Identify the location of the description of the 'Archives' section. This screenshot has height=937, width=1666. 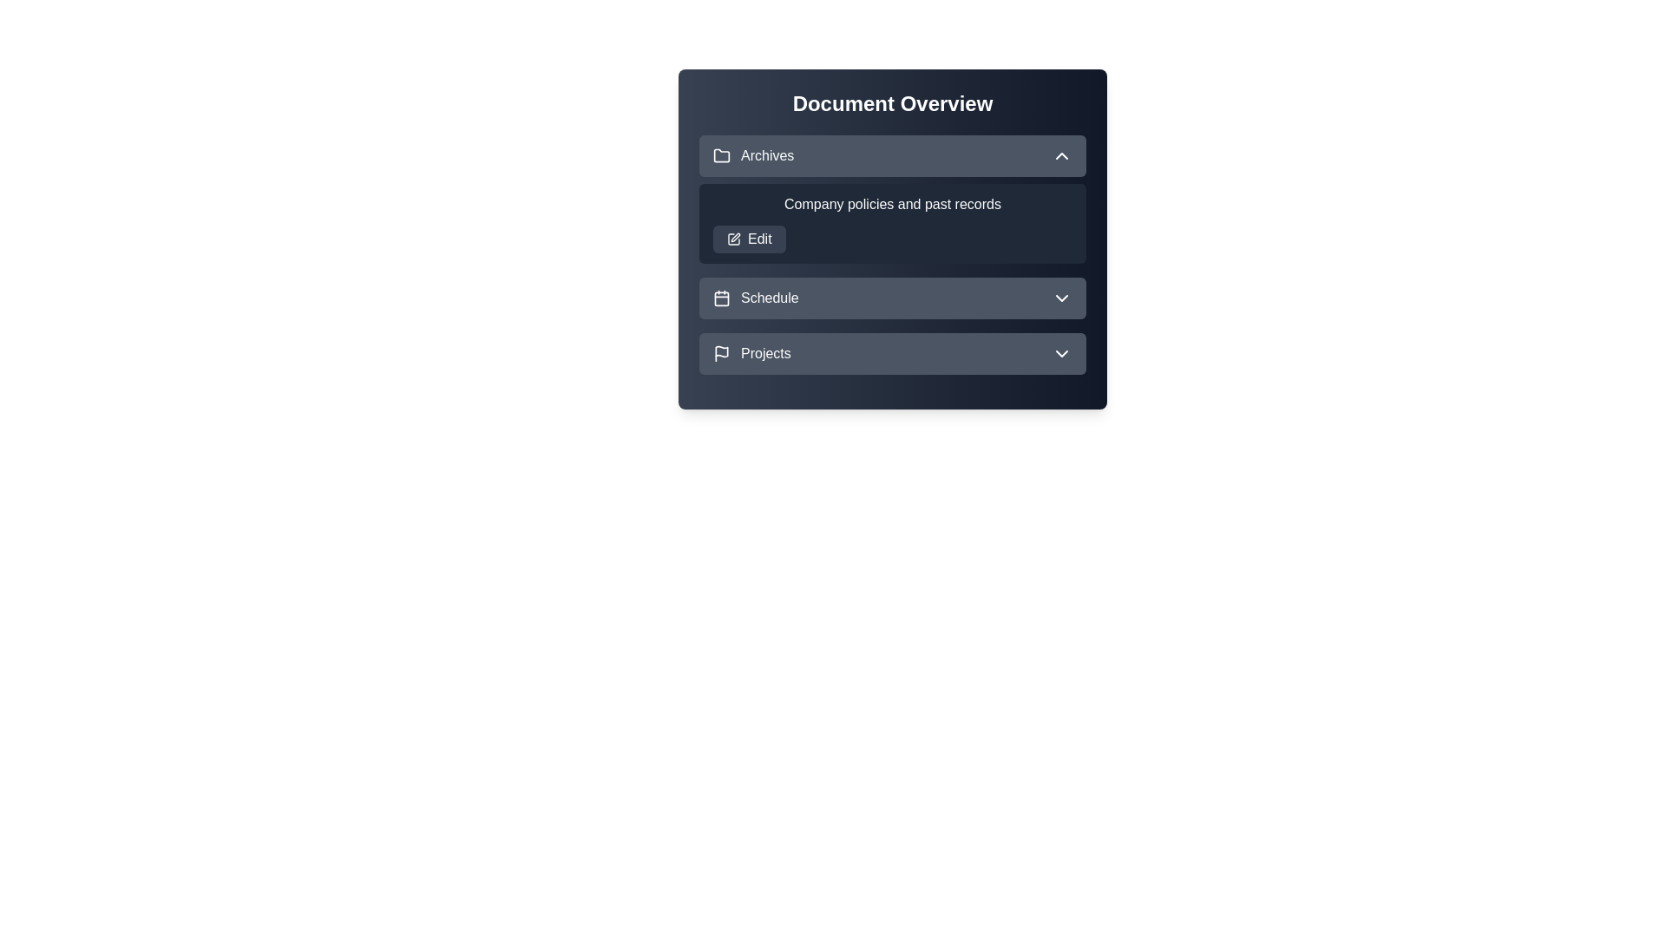
(892, 223).